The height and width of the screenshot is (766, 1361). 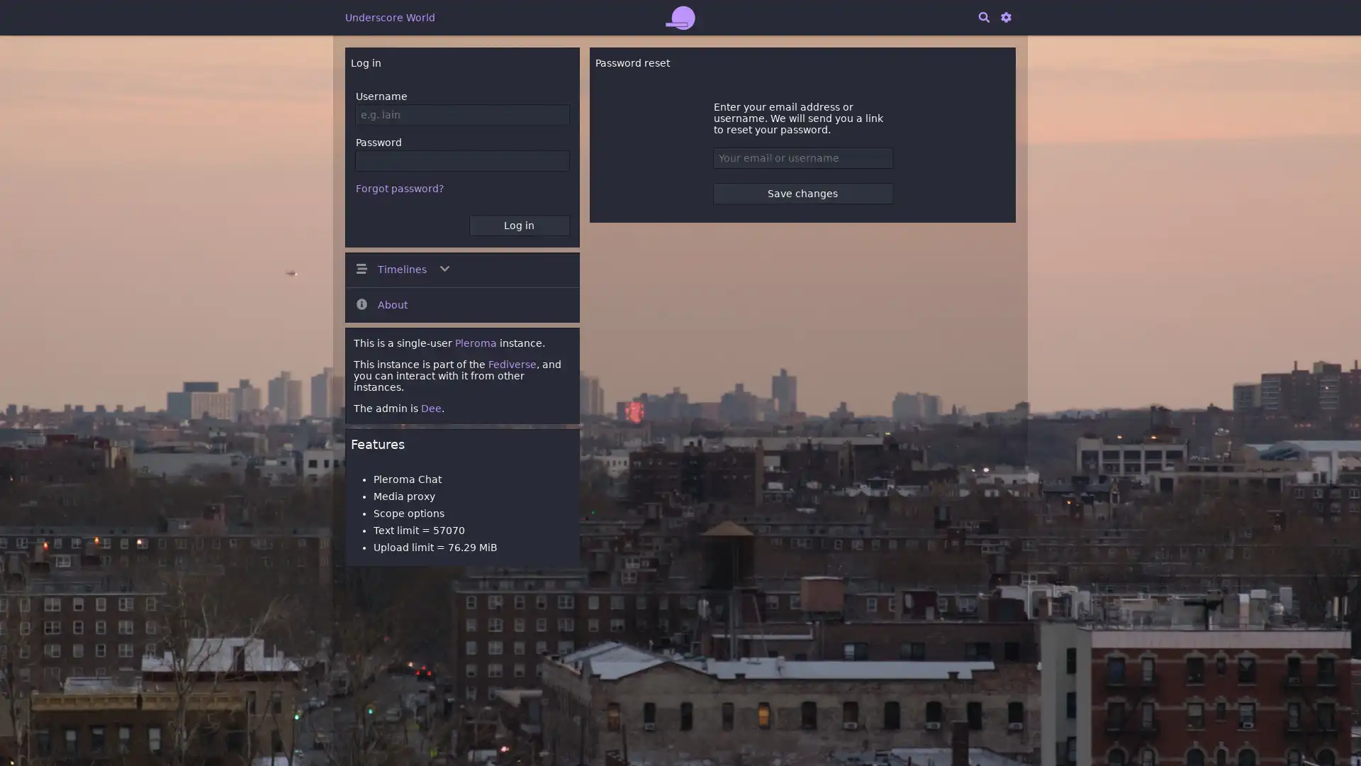 I want to click on Timelines, so click(x=462, y=269).